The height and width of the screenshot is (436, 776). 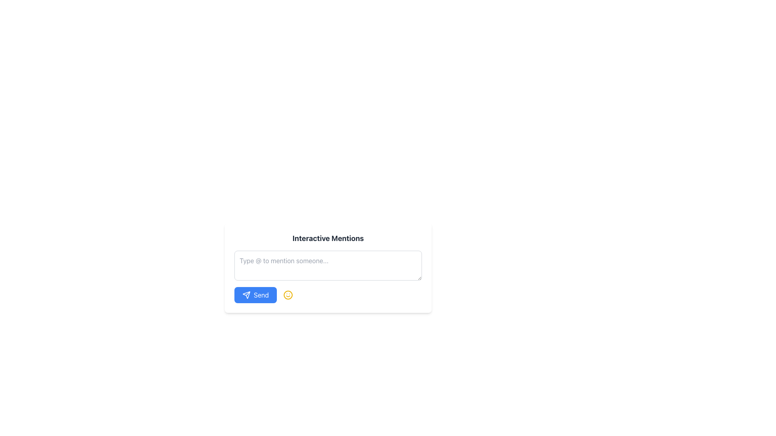 I want to click on the circular shape with a yellow outline located within the smiling face icon, positioned at the center of the yellow smiley face, so click(x=288, y=295).